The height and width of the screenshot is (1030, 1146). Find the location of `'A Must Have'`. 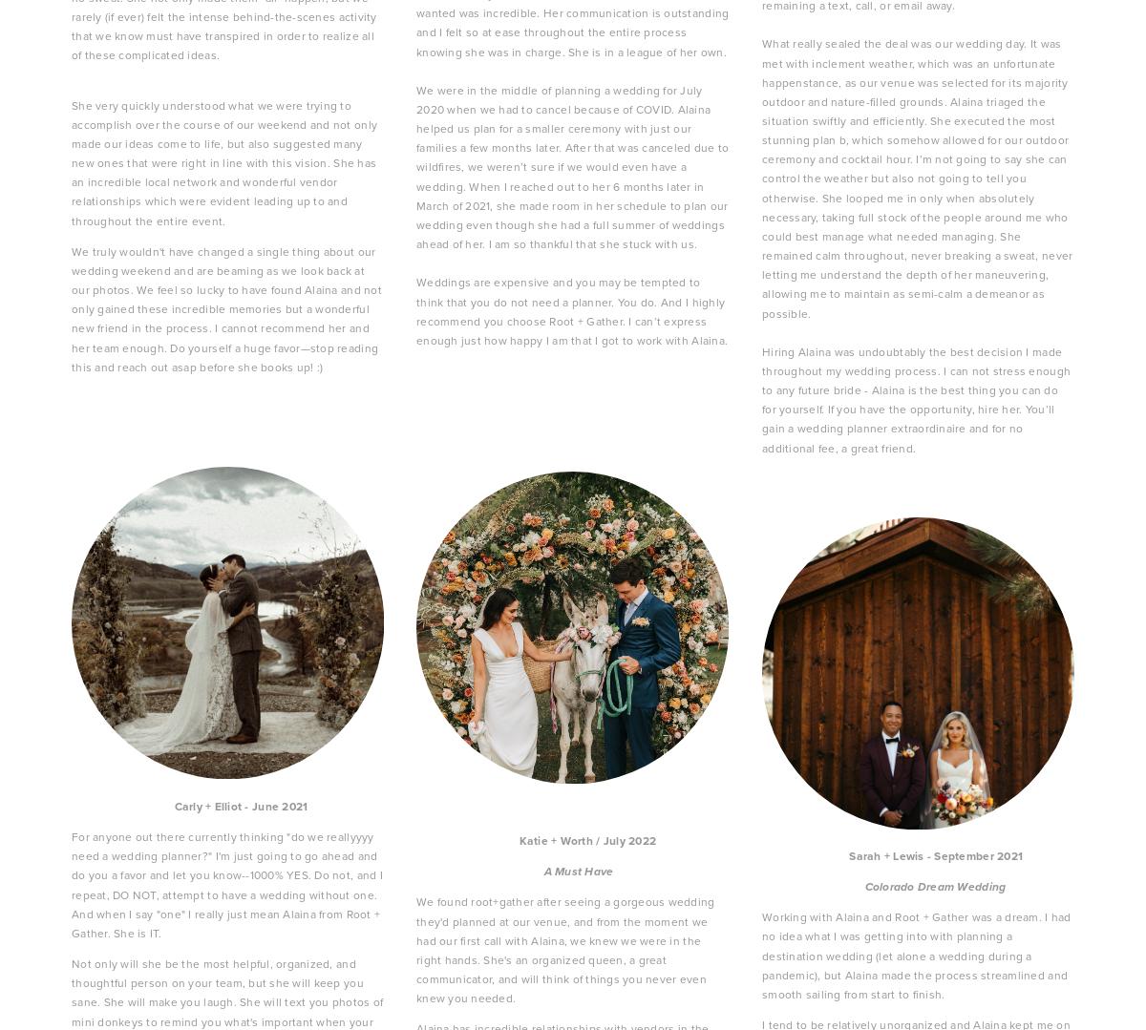

'A Must Have' is located at coordinates (579, 872).